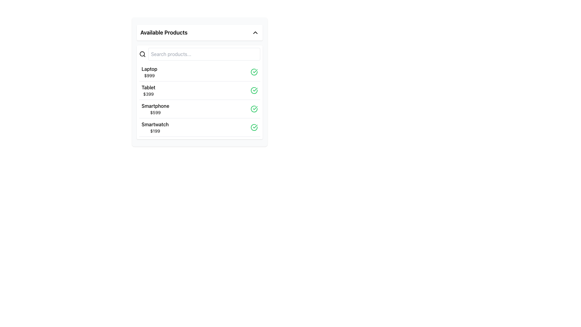  Describe the element at coordinates (155, 112) in the screenshot. I see `the price text label displaying the price of the product 'Smartphone', which is located below 'Tablet $399' and above 'Smartwatch $199' in the product list` at that location.